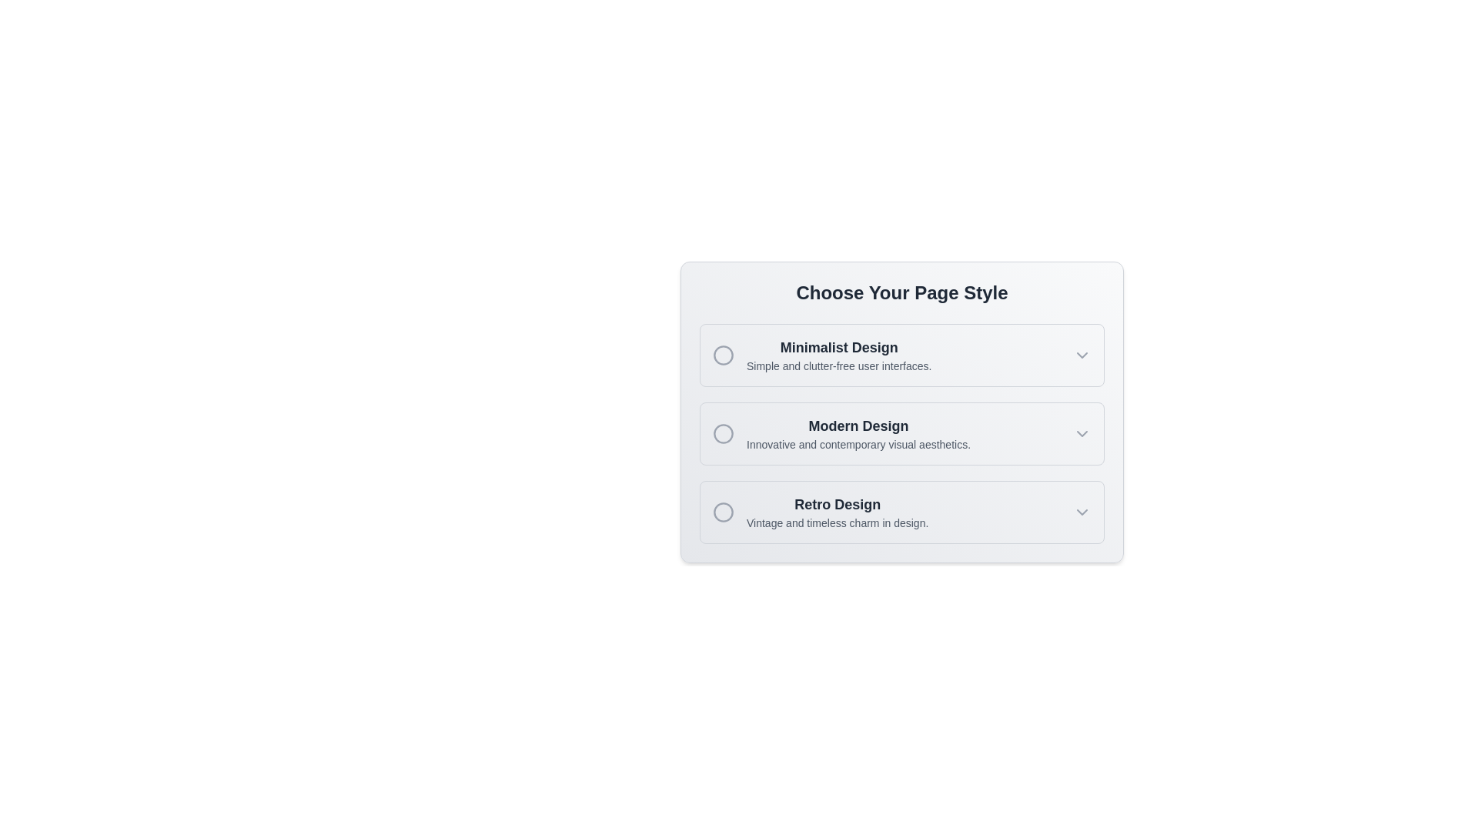 The height and width of the screenshot is (831, 1478). What do you see at coordinates (838, 355) in the screenshot?
I see `the first Text group element below the title 'Choose Your Page Style'` at bounding box center [838, 355].